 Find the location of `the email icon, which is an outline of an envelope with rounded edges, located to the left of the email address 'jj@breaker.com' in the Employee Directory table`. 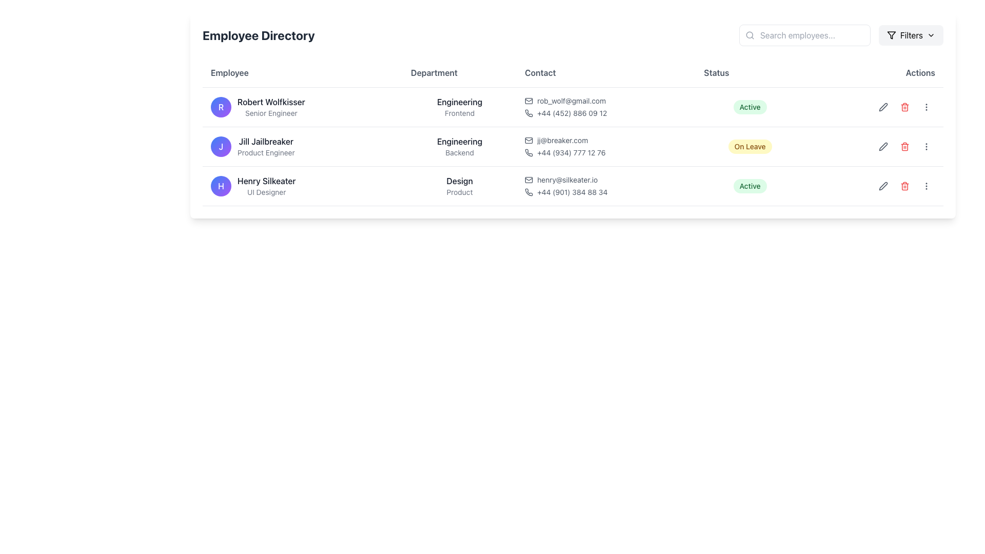

the email icon, which is an outline of an envelope with rounded edges, located to the left of the email address 'jj@breaker.com' in the Employee Directory table is located at coordinates (529, 140).